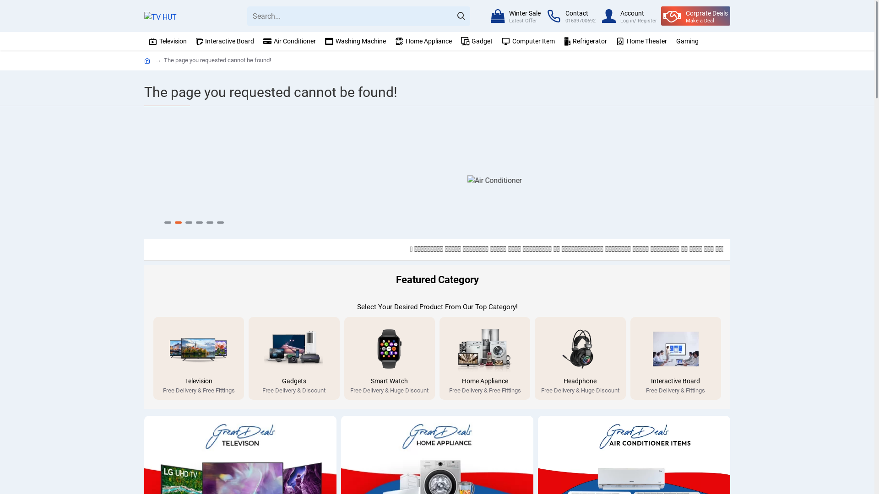 The height and width of the screenshot is (494, 879). I want to click on 'Gaming', so click(686, 40).